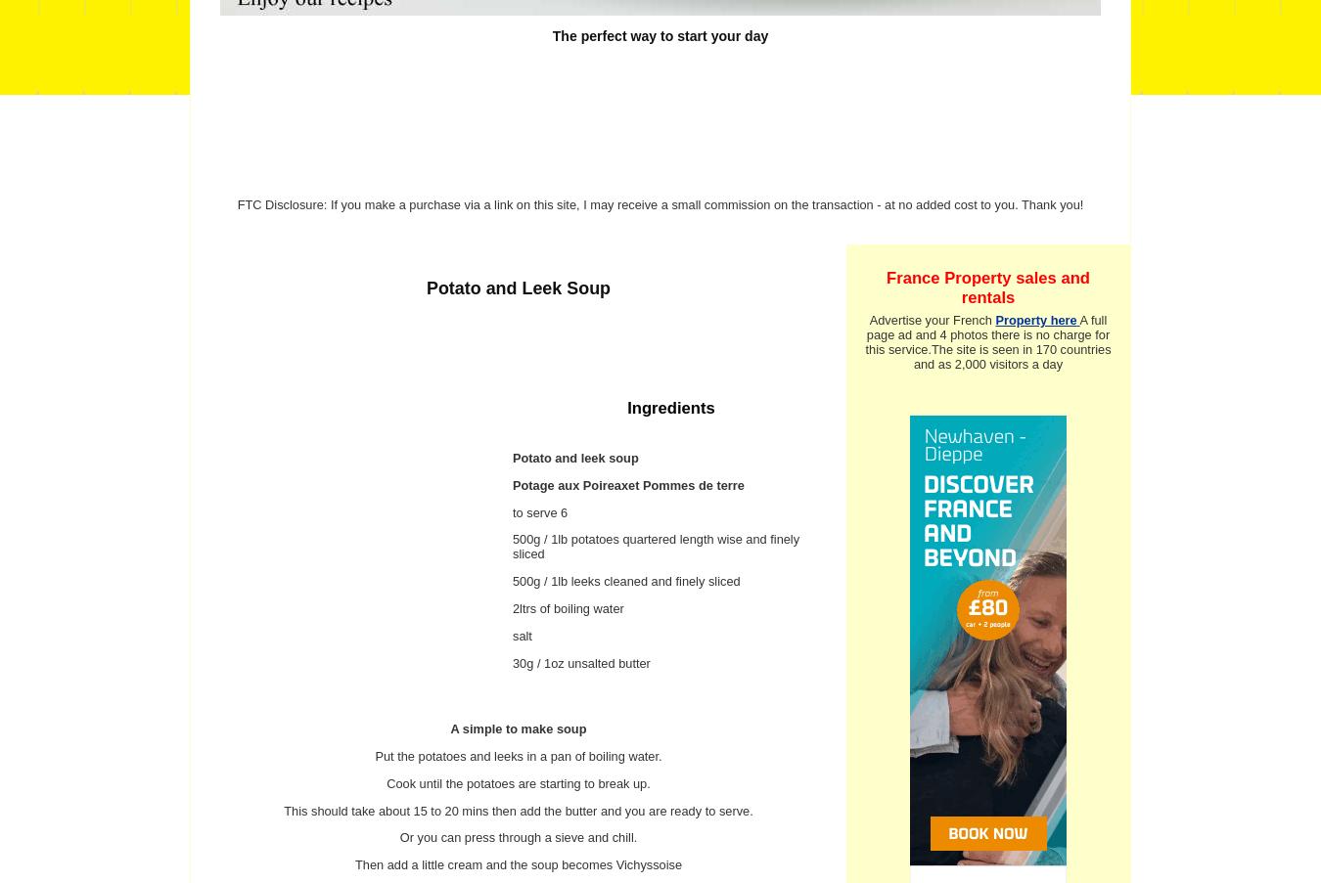  I want to click on 'The perfect way to start your day', so click(660, 34).